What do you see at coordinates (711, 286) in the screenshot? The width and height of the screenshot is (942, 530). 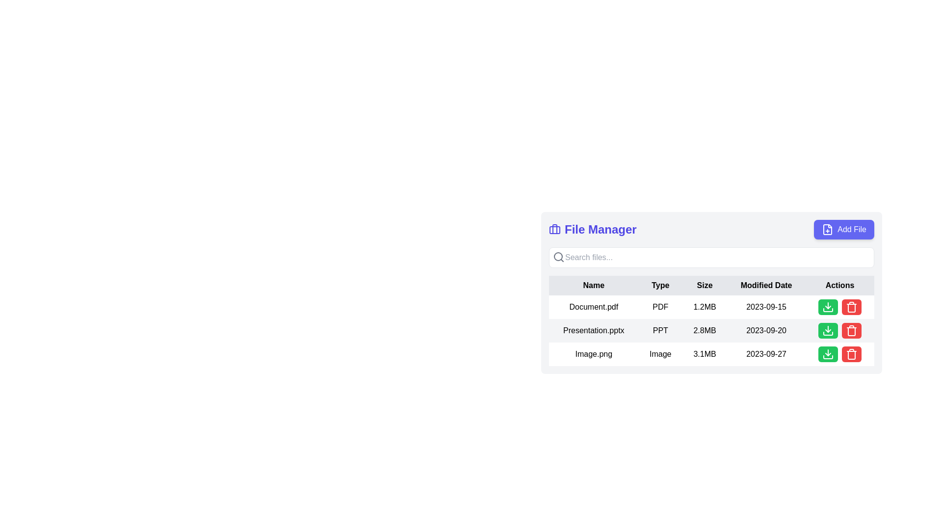 I see `the table header that contains the columns labeled 'Name', 'Type', 'Size', 'Modified Date', and 'Actions' with a gray background` at bounding box center [711, 286].